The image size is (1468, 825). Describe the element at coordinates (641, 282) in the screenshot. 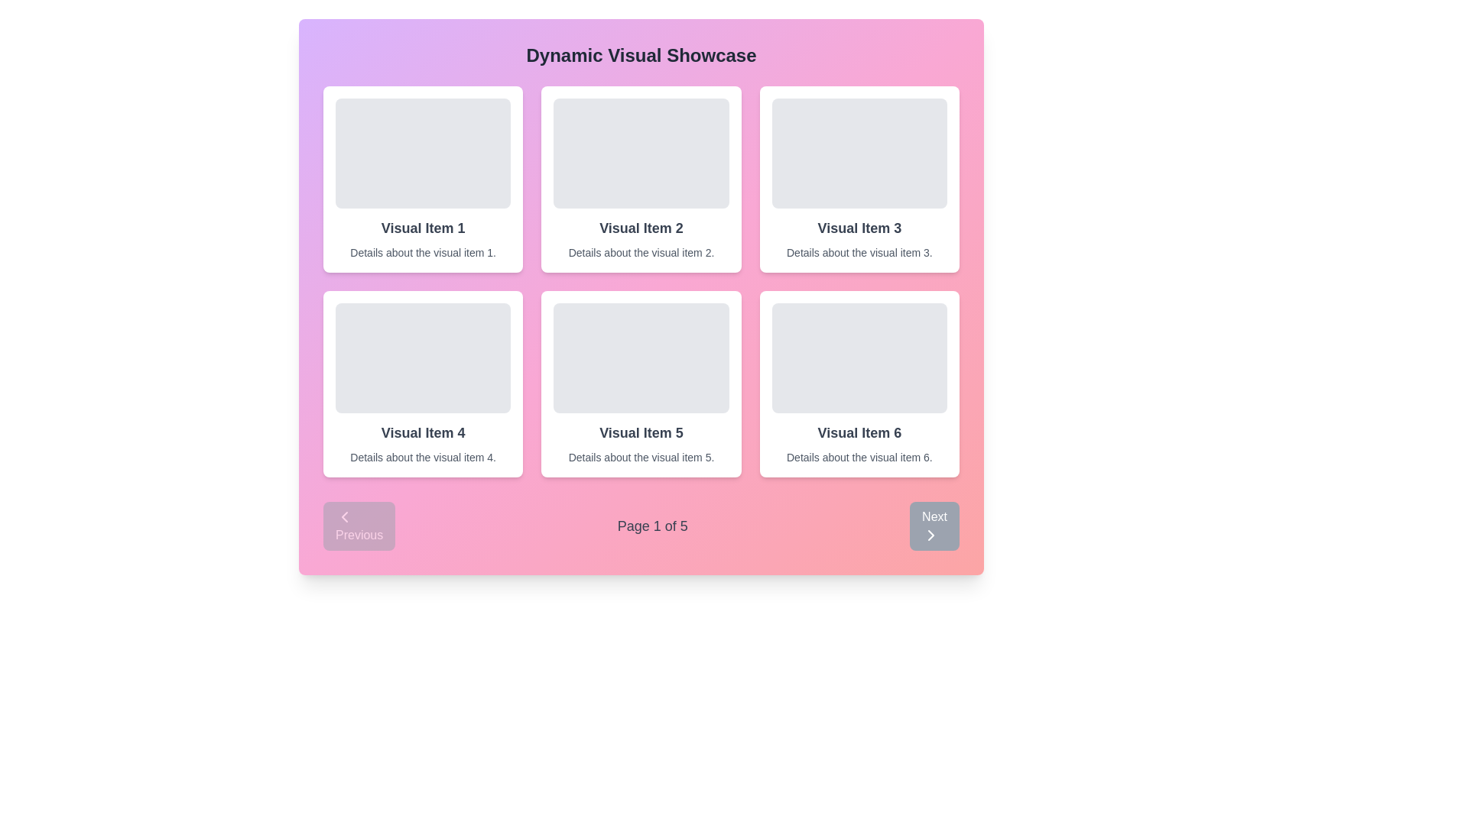

I see `the center of the grid layout containing six sections to visualize its structure` at that location.